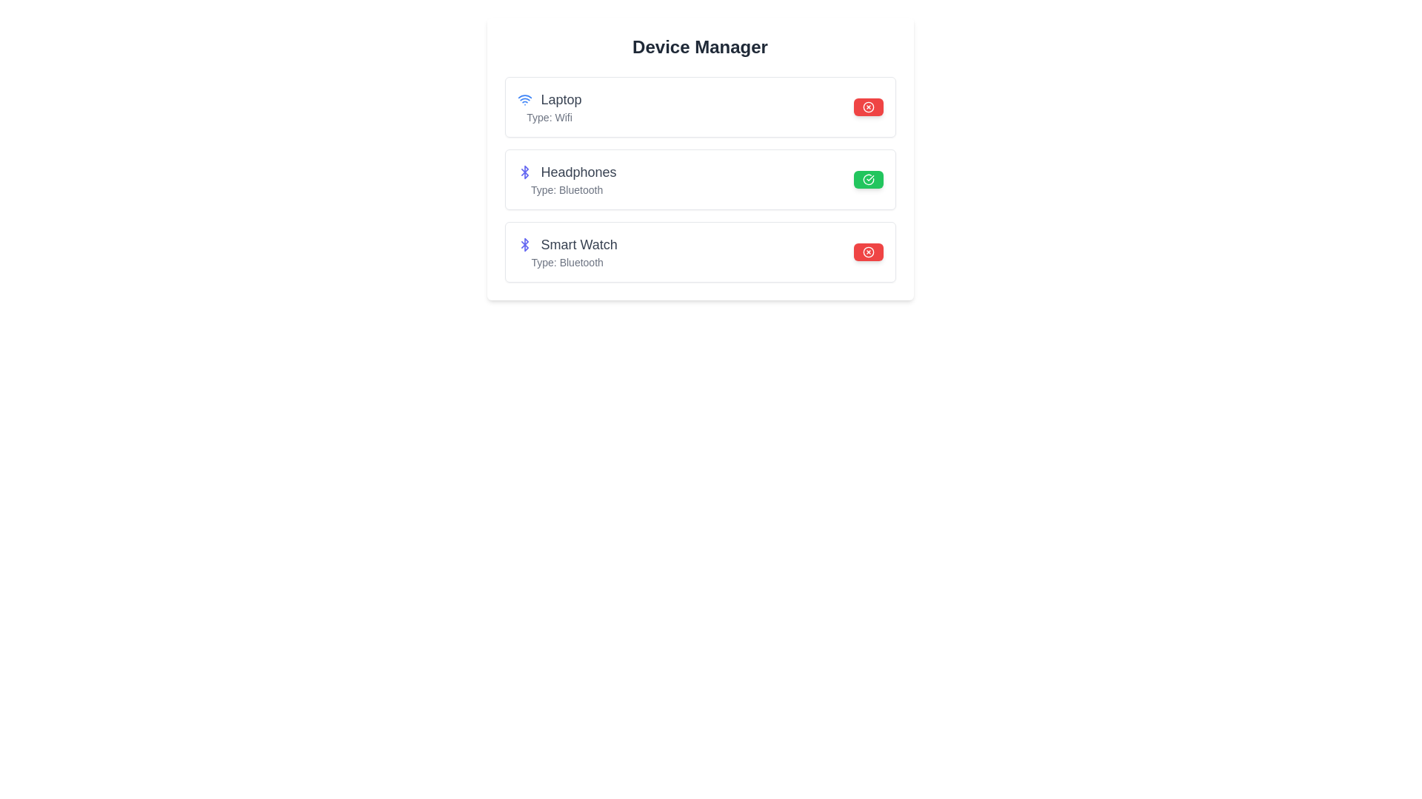 This screenshot has width=1422, height=799. I want to click on the Iconic button with a red background and a white cross located at the top-right corner of the 'Laptop' item, so click(868, 107).